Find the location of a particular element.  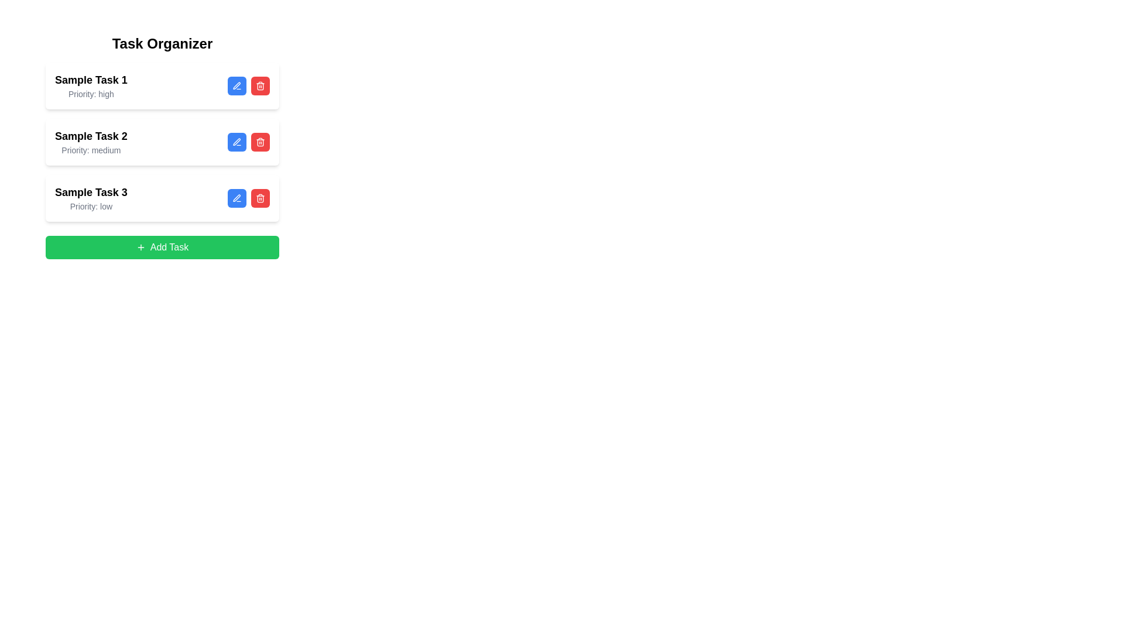

text label displaying 'Priority: medium' located directly below the title 'Sample Task 2' in the middle card of the task layout is located at coordinates (90, 150).